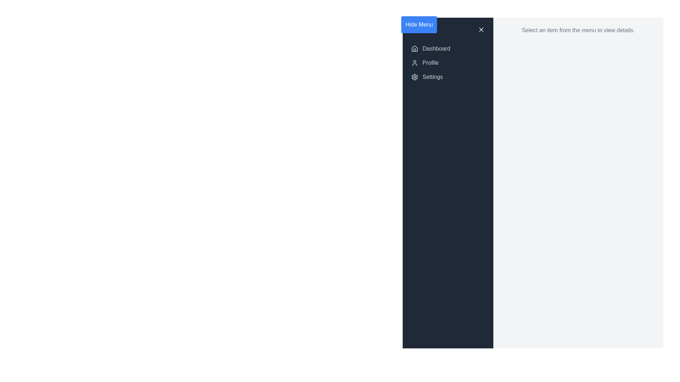 Image resolution: width=680 pixels, height=382 pixels. Describe the element at coordinates (481, 29) in the screenshot. I see `the close button icon, which is an 'X' symbol located at the top-right corner of the dark sidebar` at that location.